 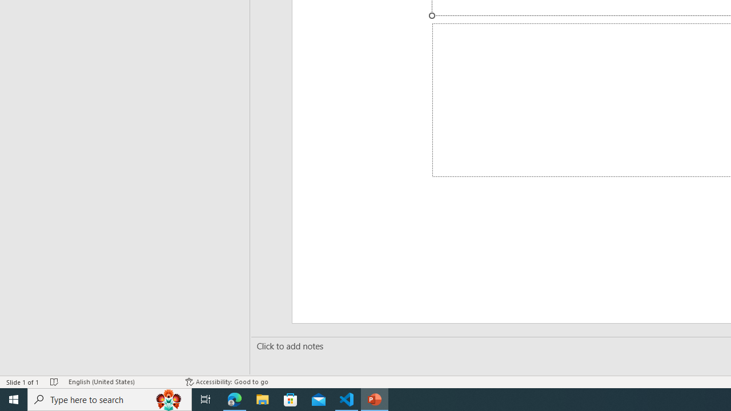 I want to click on 'Spell Check No Errors', so click(x=54, y=382).